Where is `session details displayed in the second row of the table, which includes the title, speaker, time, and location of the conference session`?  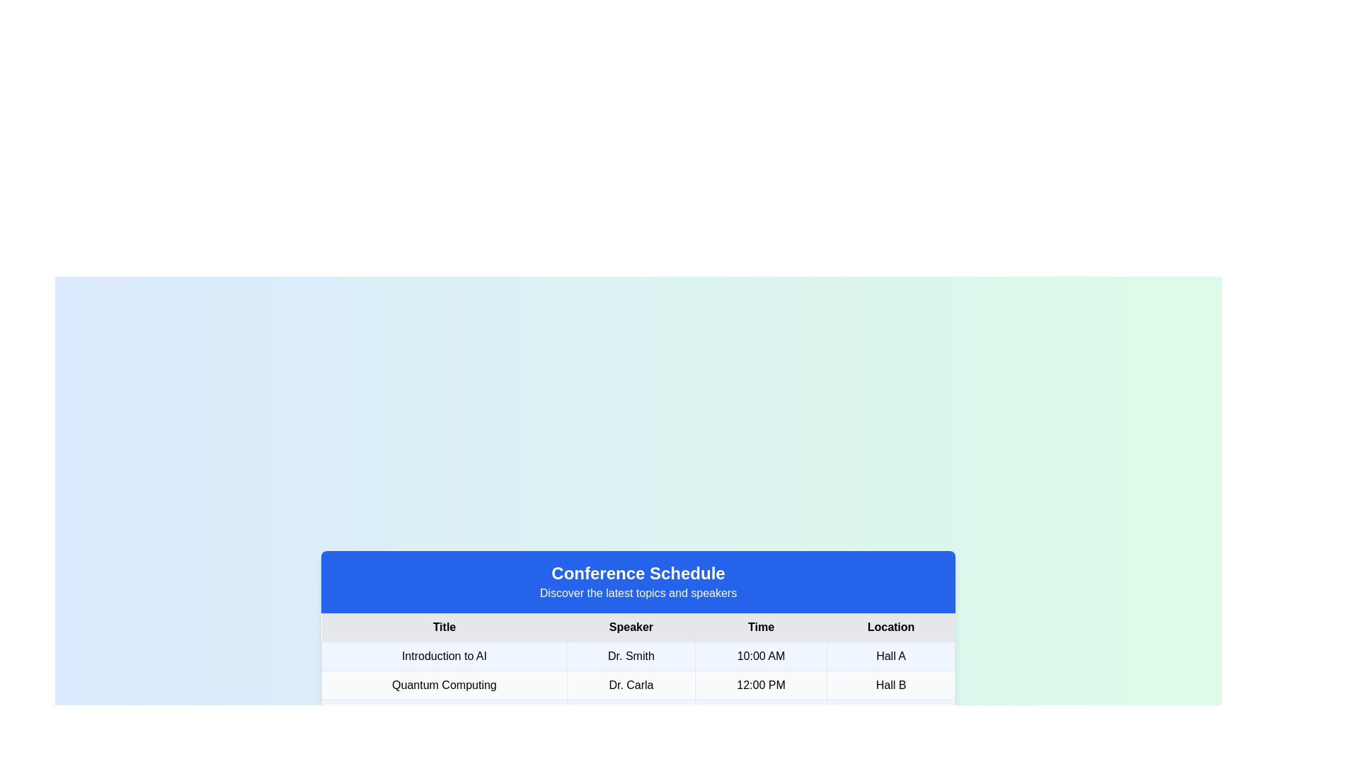
session details displayed in the second row of the table, which includes the title, speaker, time, and location of the conference session is located at coordinates (638, 684).